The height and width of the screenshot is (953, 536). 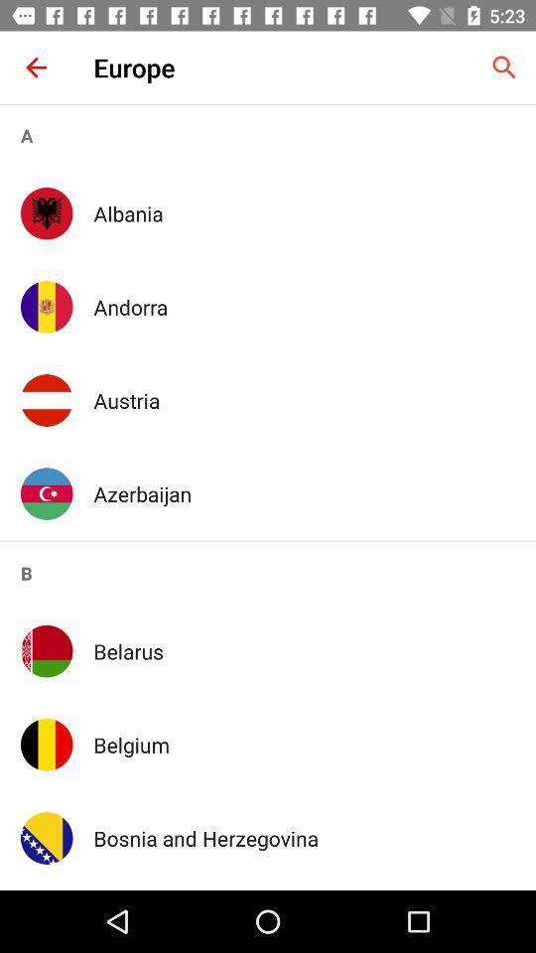 I want to click on the icon above the austria icon, so click(x=304, y=307).